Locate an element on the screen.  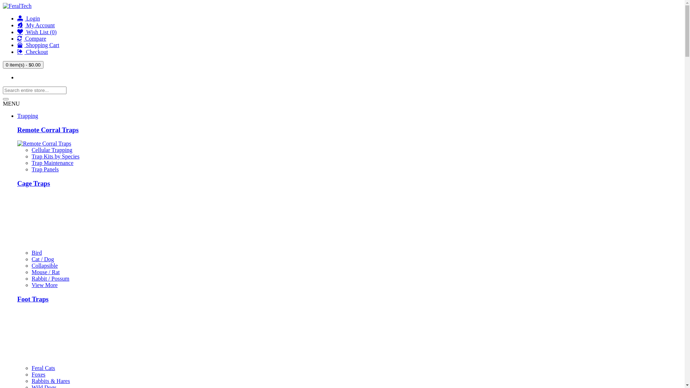
'Trap Kits by Species' is located at coordinates (55, 156).